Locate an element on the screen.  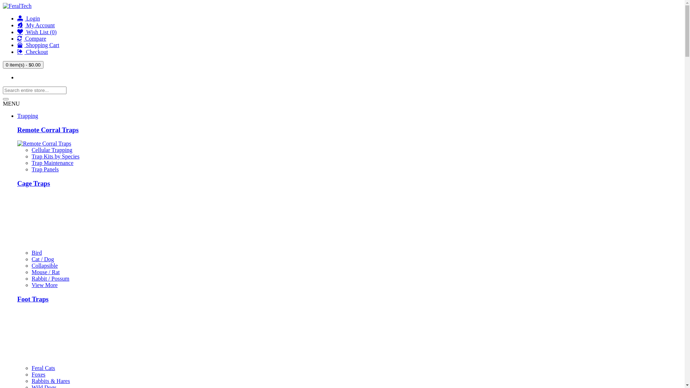
'Trap Kits by Species' is located at coordinates (55, 156).